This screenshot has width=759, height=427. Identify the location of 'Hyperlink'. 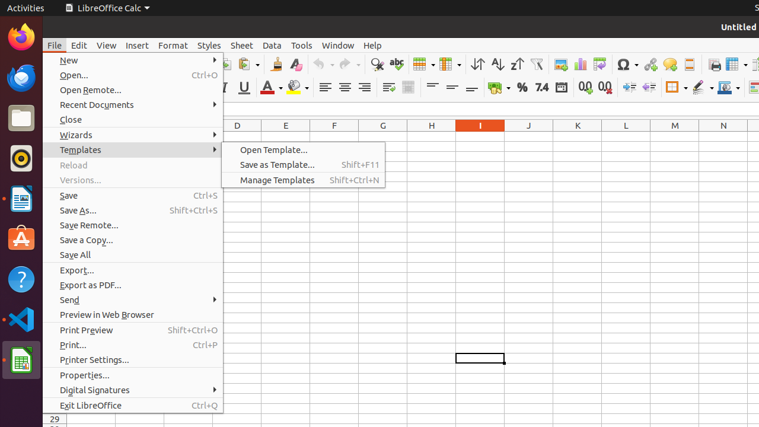
(649, 64).